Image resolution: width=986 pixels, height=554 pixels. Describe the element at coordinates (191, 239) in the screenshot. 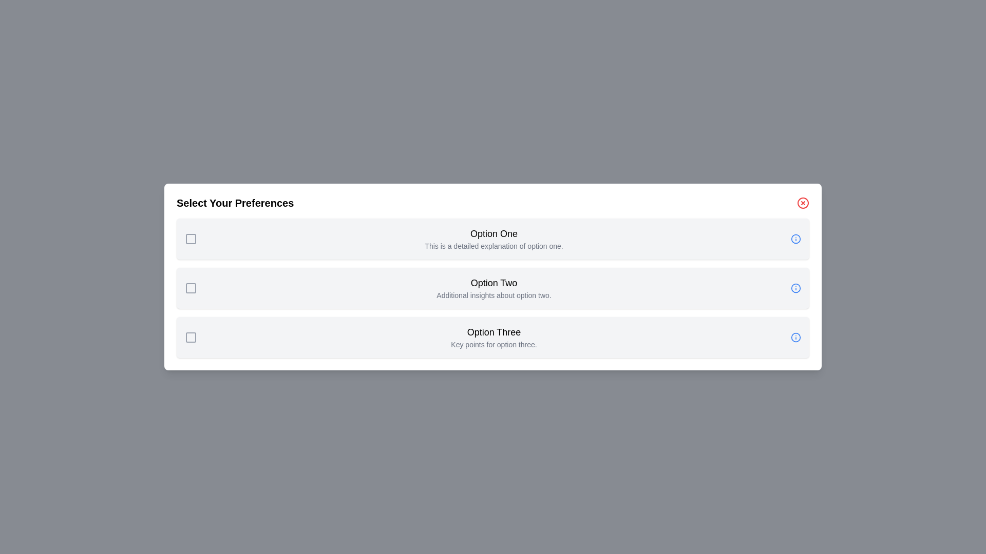

I see `the checkbox element located to the left of the 'Option One' text in the 'Select Your Preferences' section` at that location.